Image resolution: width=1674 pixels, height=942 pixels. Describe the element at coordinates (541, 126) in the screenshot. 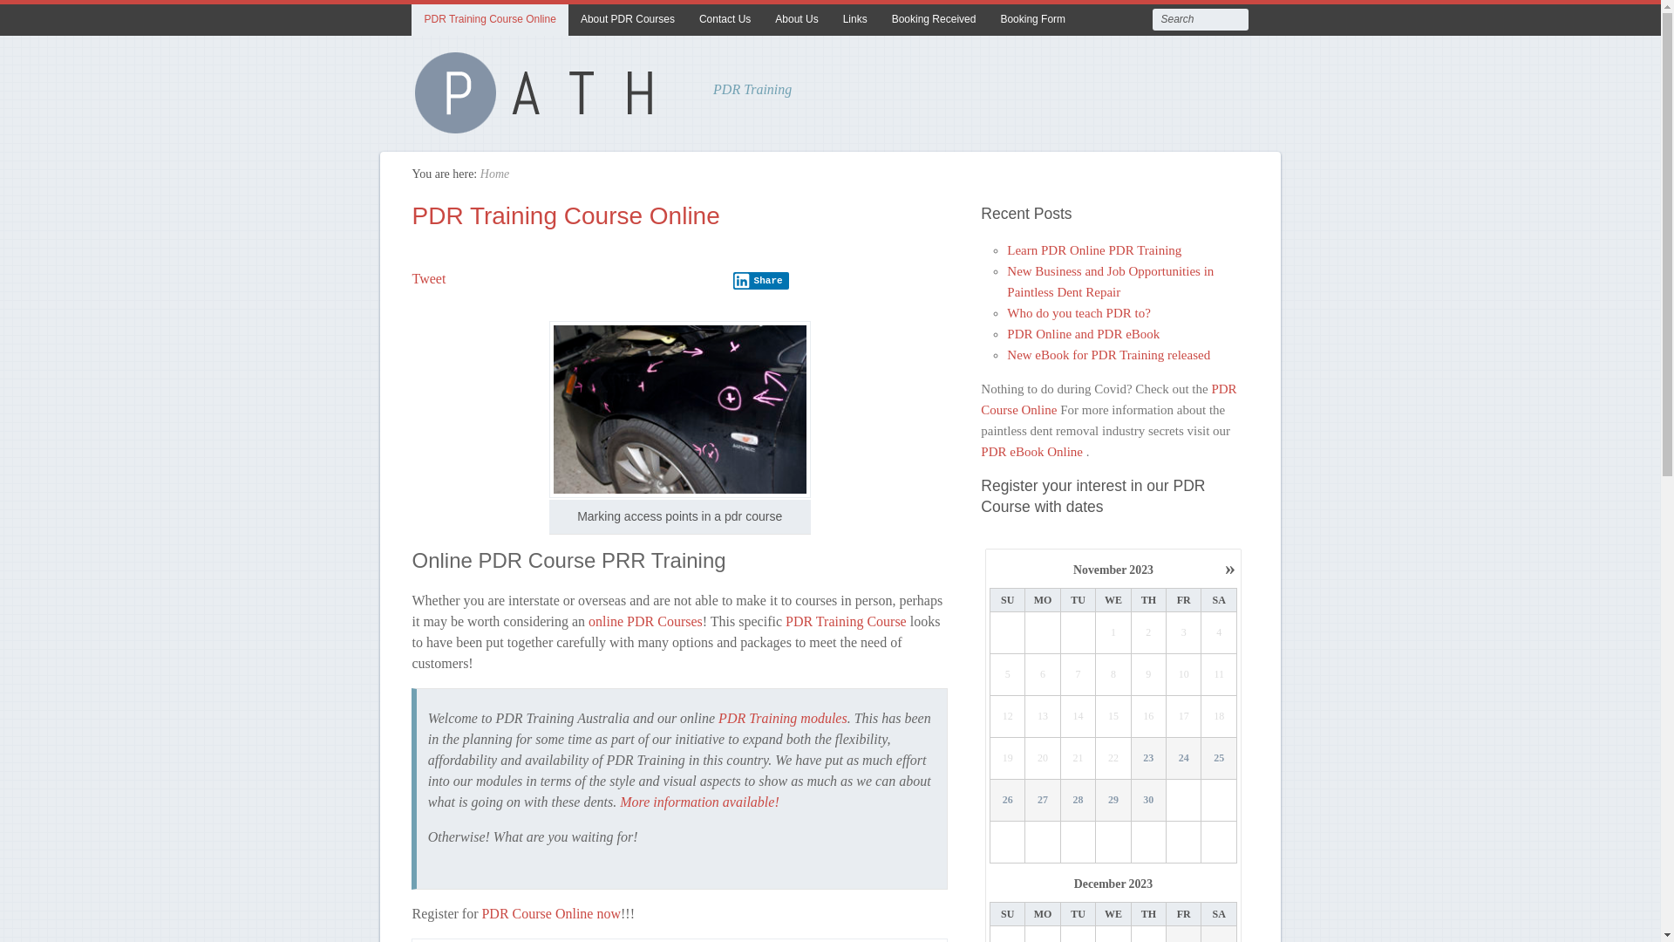

I see `'Learn how to do Paintless Dent Repair'` at that location.